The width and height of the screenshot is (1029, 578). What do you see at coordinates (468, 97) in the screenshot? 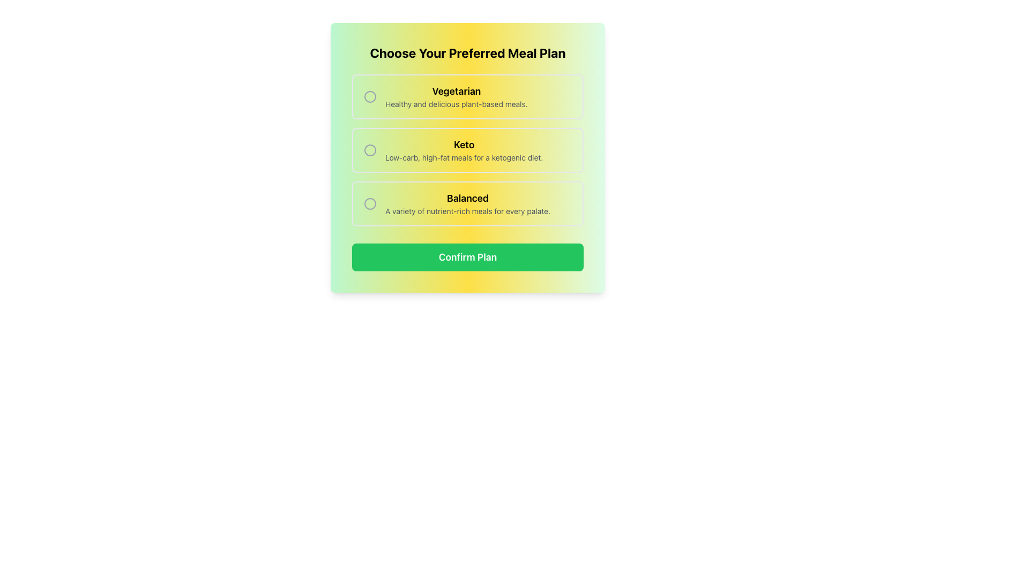
I see `the 'Vegetarian' radio button` at bounding box center [468, 97].